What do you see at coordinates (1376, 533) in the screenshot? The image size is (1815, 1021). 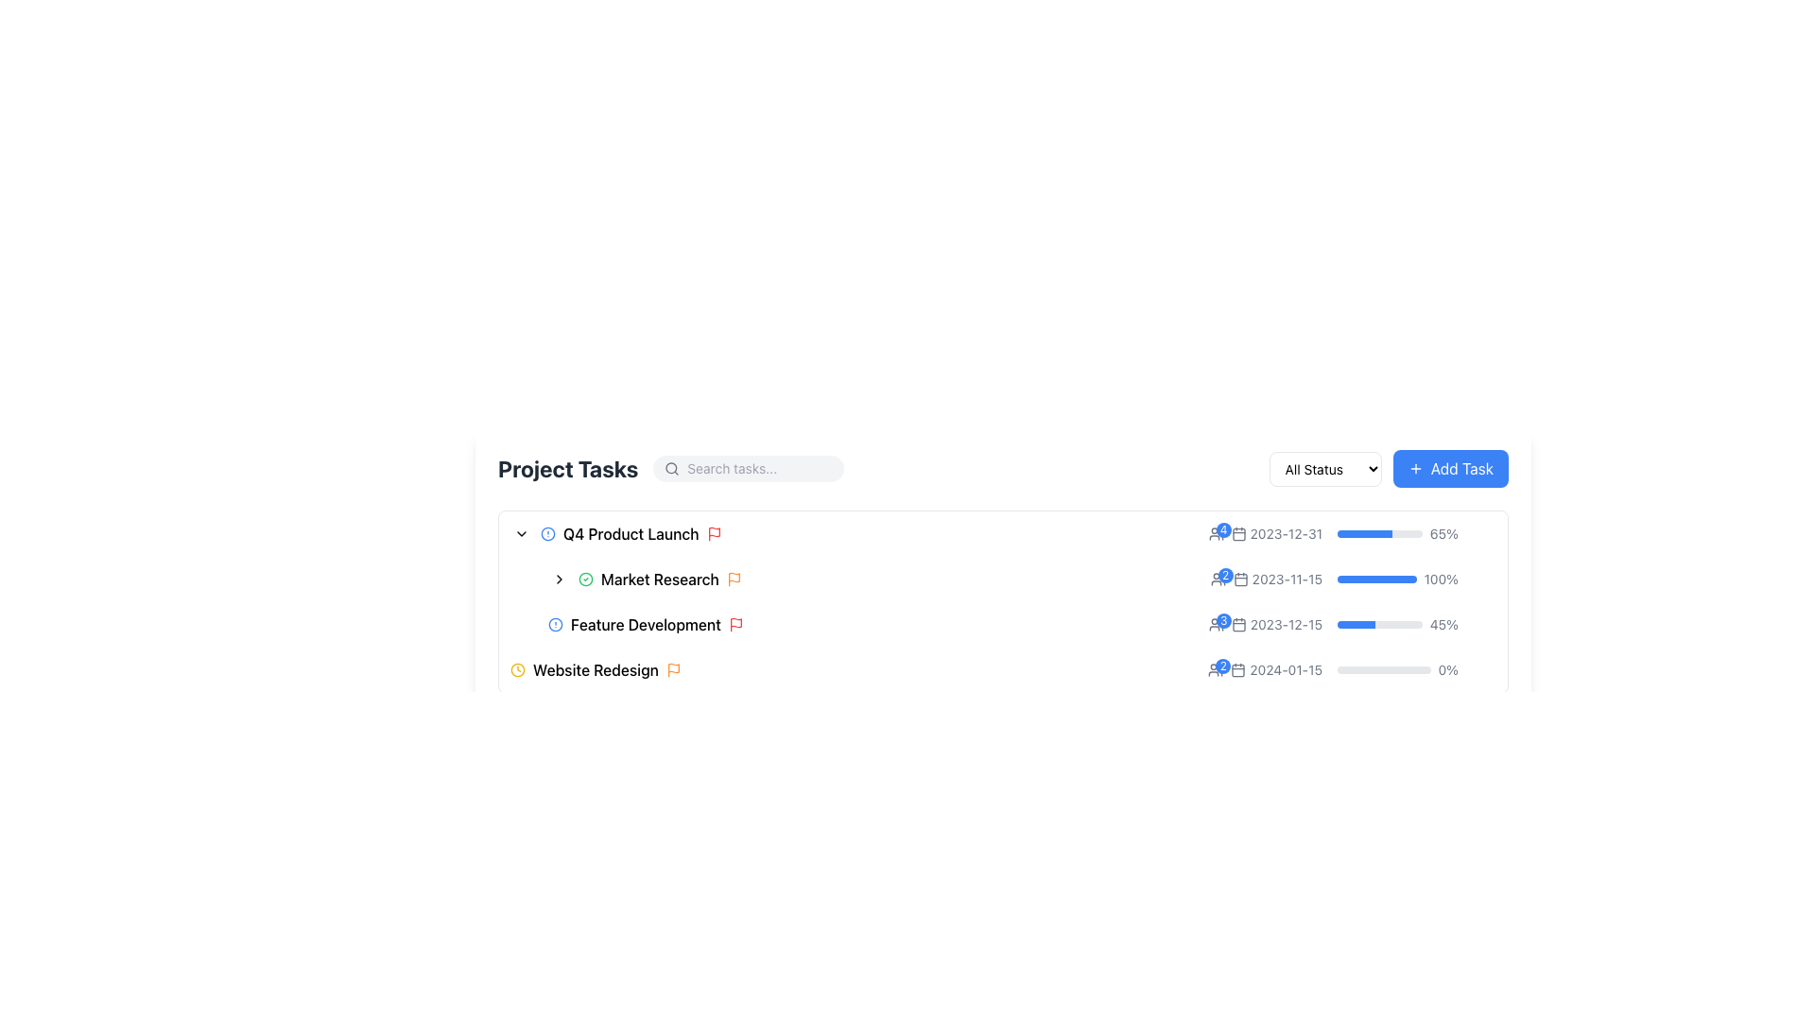 I see `task completion` at bounding box center [1376, 533].